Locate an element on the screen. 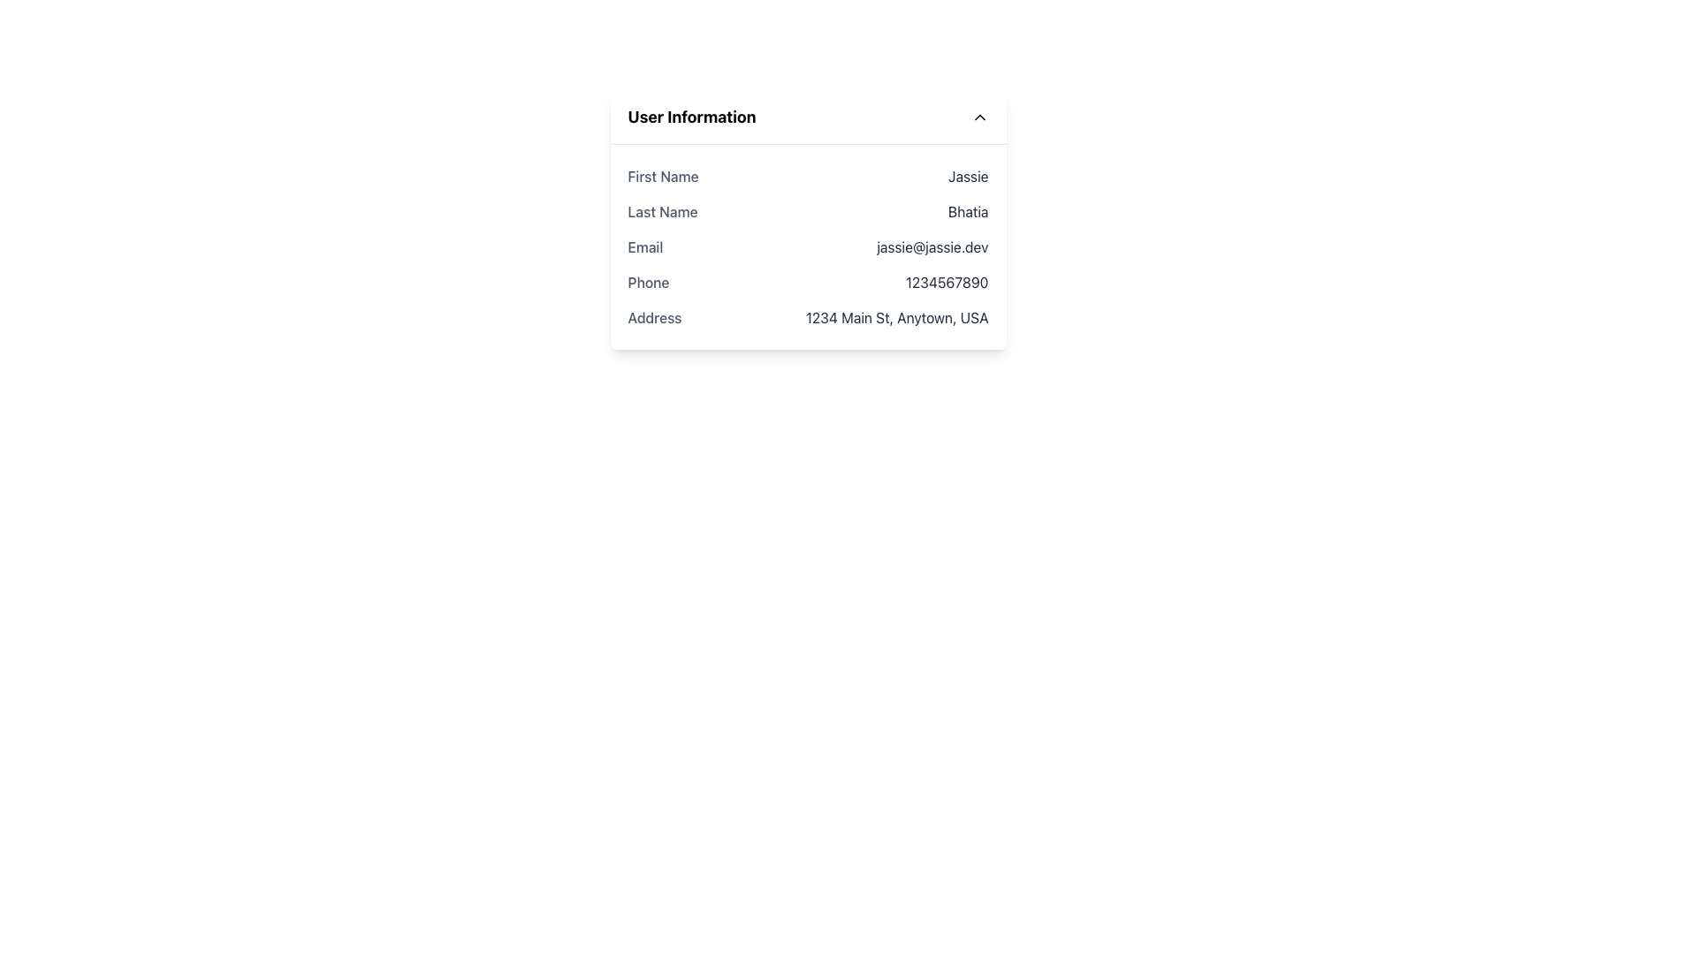  the text label displaying the user's first name 'Jassie', which is located to the right of the 'First Name' label within the user details card interface is located at coordinates (967, 177).